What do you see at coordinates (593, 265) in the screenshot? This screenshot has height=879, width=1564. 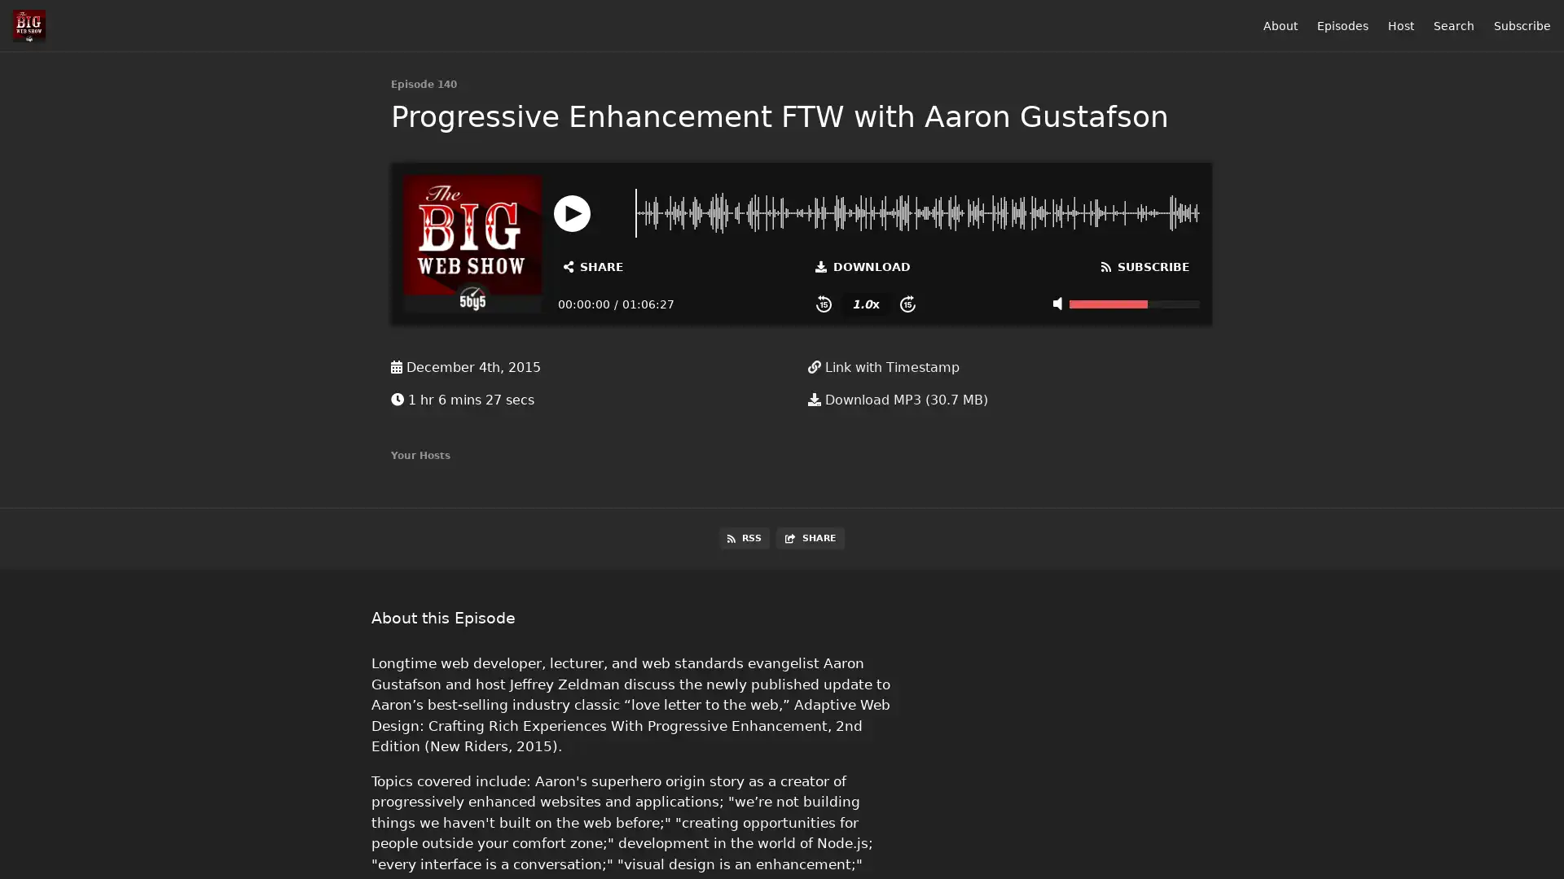 I see `Open Share and Subscribe Dialog` at bounding box center [593, 265].